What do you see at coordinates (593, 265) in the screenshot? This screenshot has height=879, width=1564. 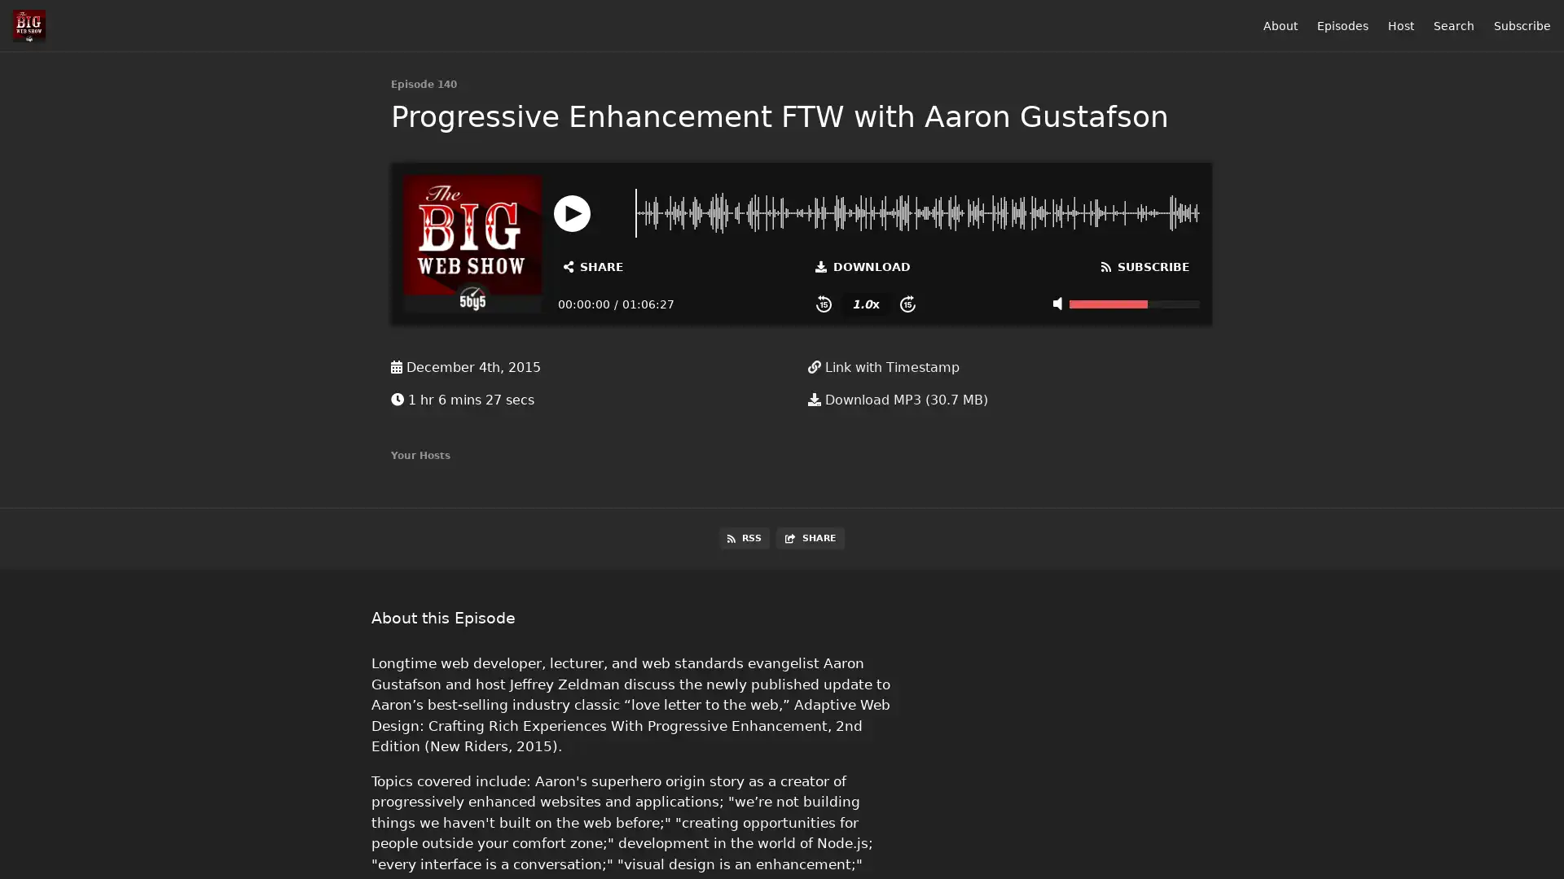 I see `Open Share and Subscribe Dialog` at bounding box center [593, 265].